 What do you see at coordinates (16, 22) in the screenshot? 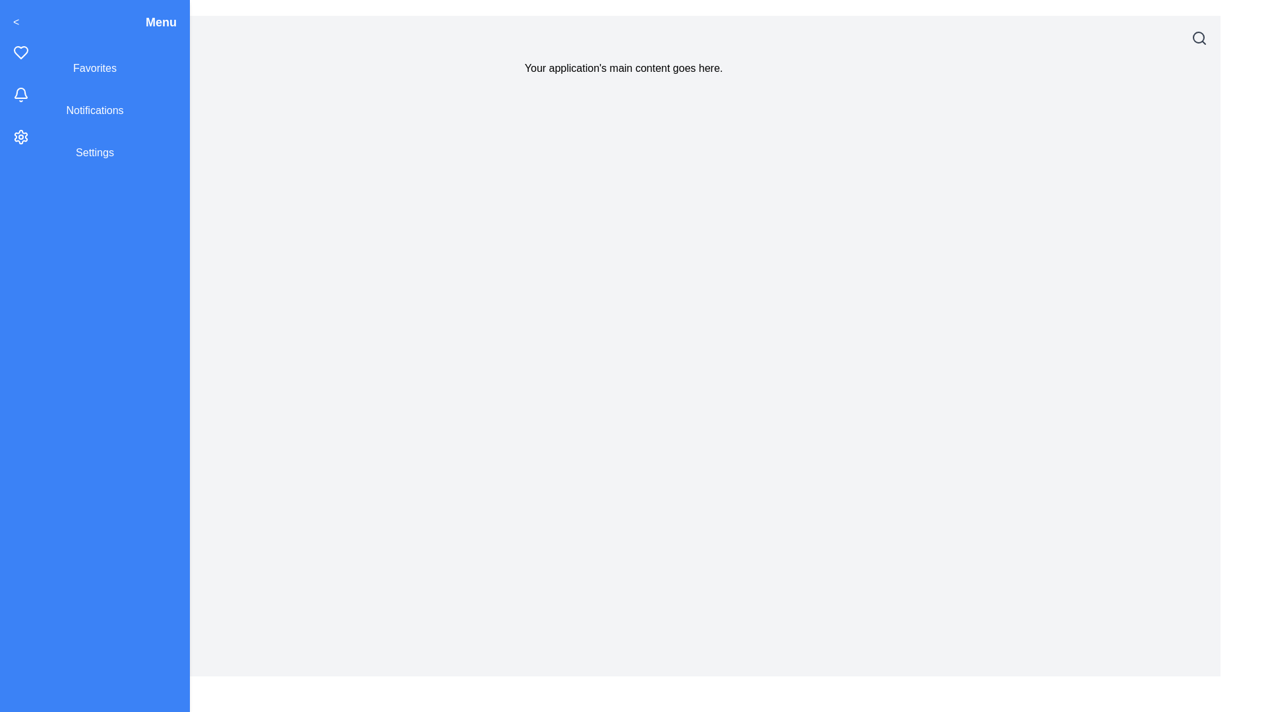
I see `toggle button to observe the transition effect of the drawer` at bounding box center [16, 22].